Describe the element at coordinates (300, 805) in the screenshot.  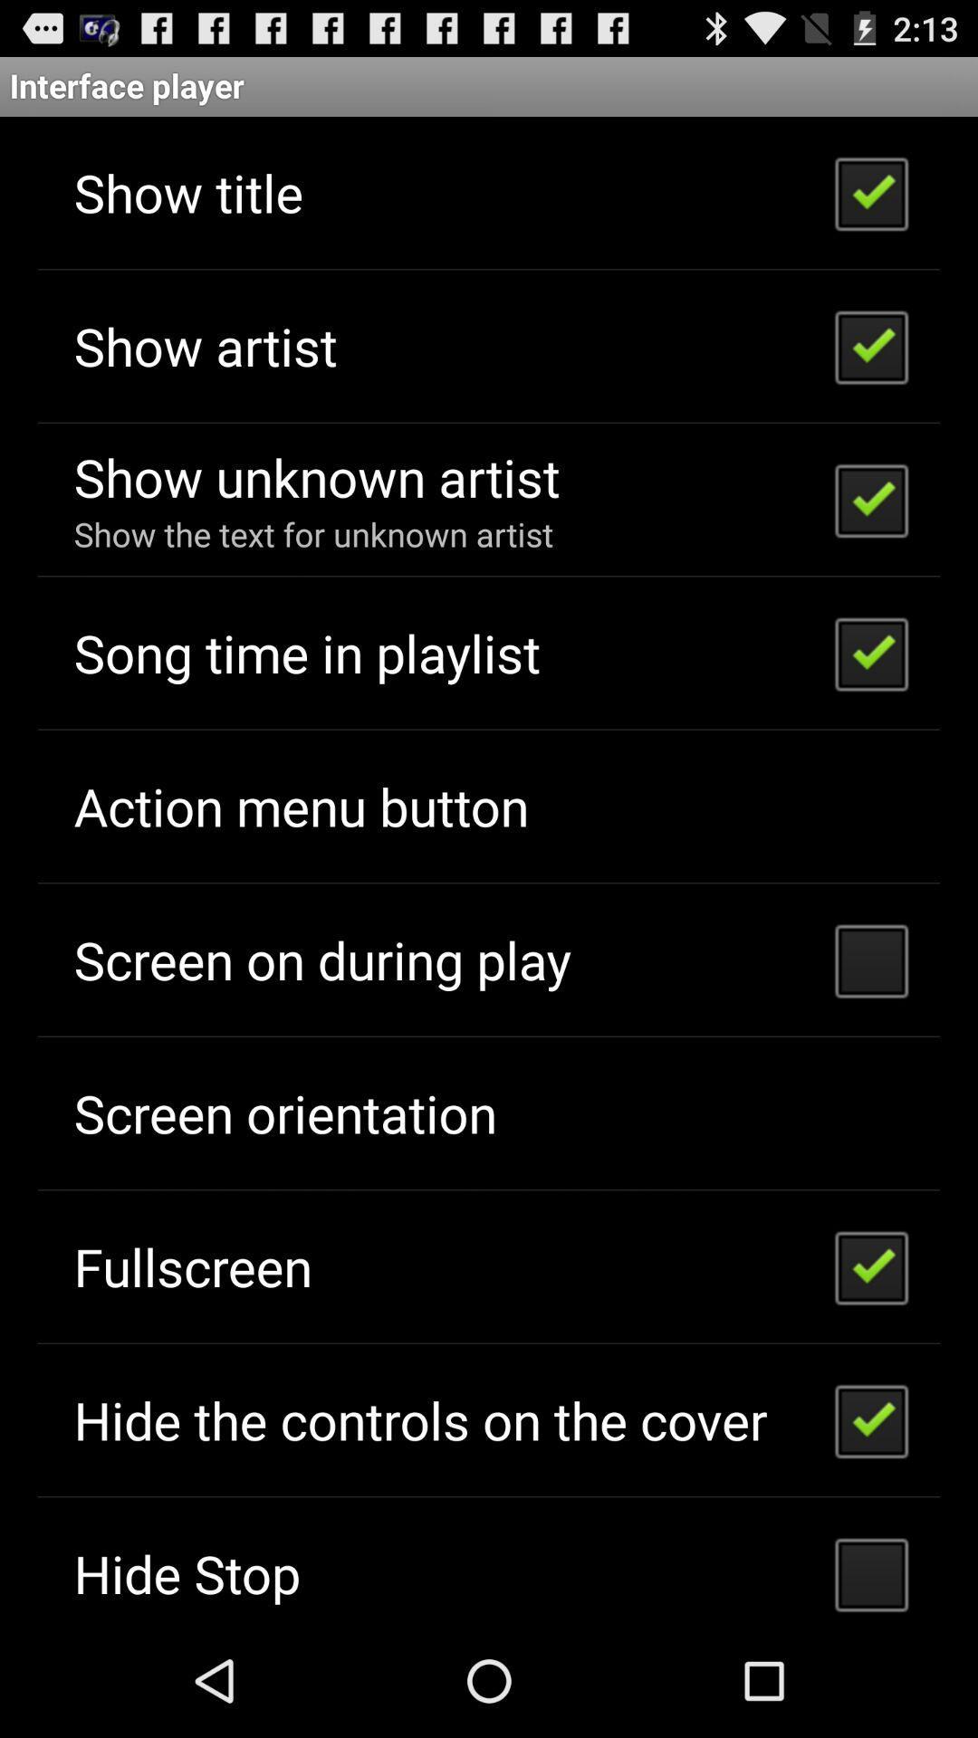
I see `the icon below the song time in app` at that location.